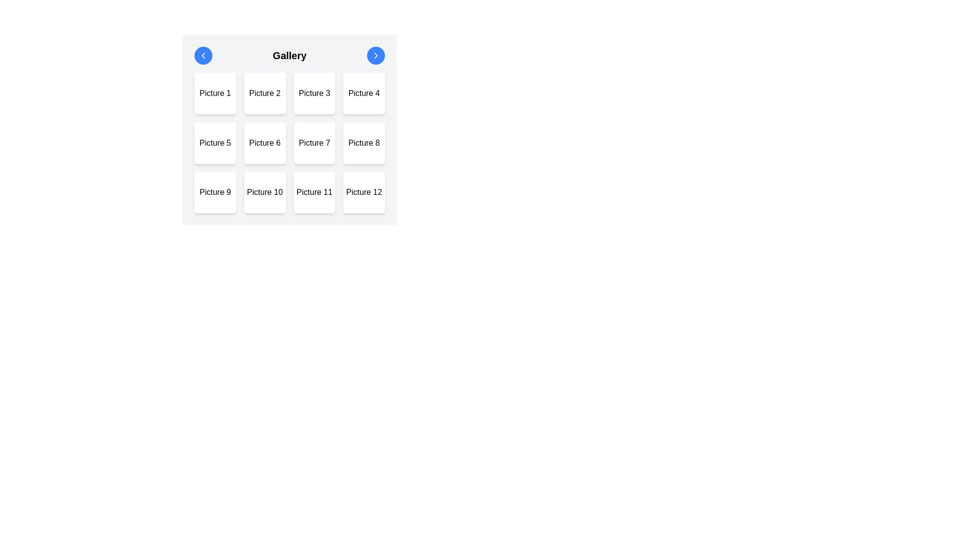  What do you see at coordinates (265, 143) in the screenshot?
I see `the button labeled 'Picture 6' which is the sixth item in a grid of 12 elements, located in the second row and second column` at bounding box center [265, 143].